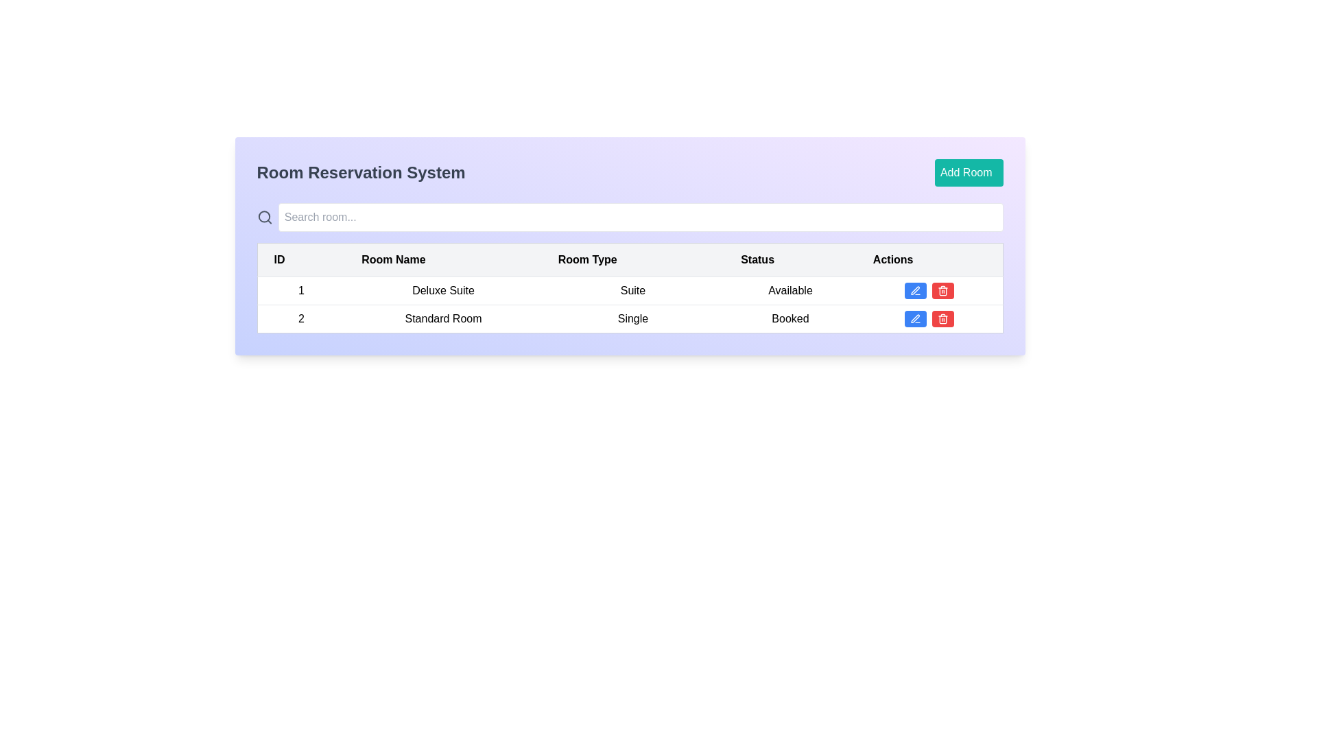 This screenshot has height=741, width=1317. Describe the element at coordinates (790, 290) in the screenshot. I see `the Text label displaying the availability status of the room as 'Available,' located in the fourth column under the 'Status' header in the first row of the table` at that location.